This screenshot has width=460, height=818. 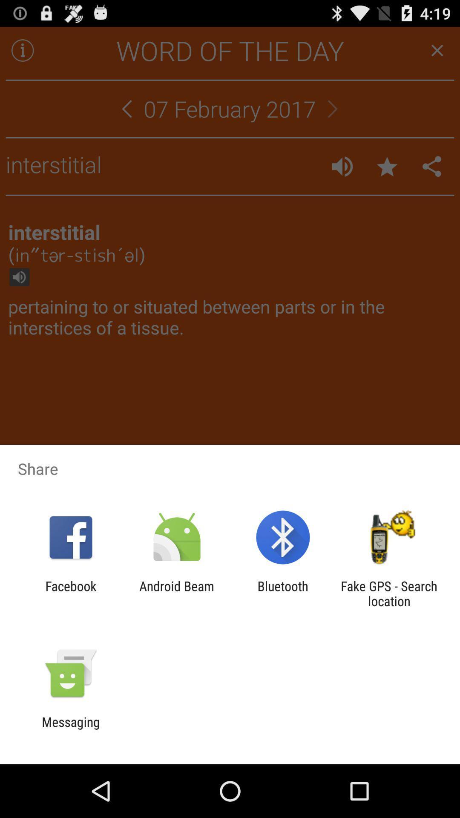 I want to click on fake gps search icon, so click(x=389, y=593).